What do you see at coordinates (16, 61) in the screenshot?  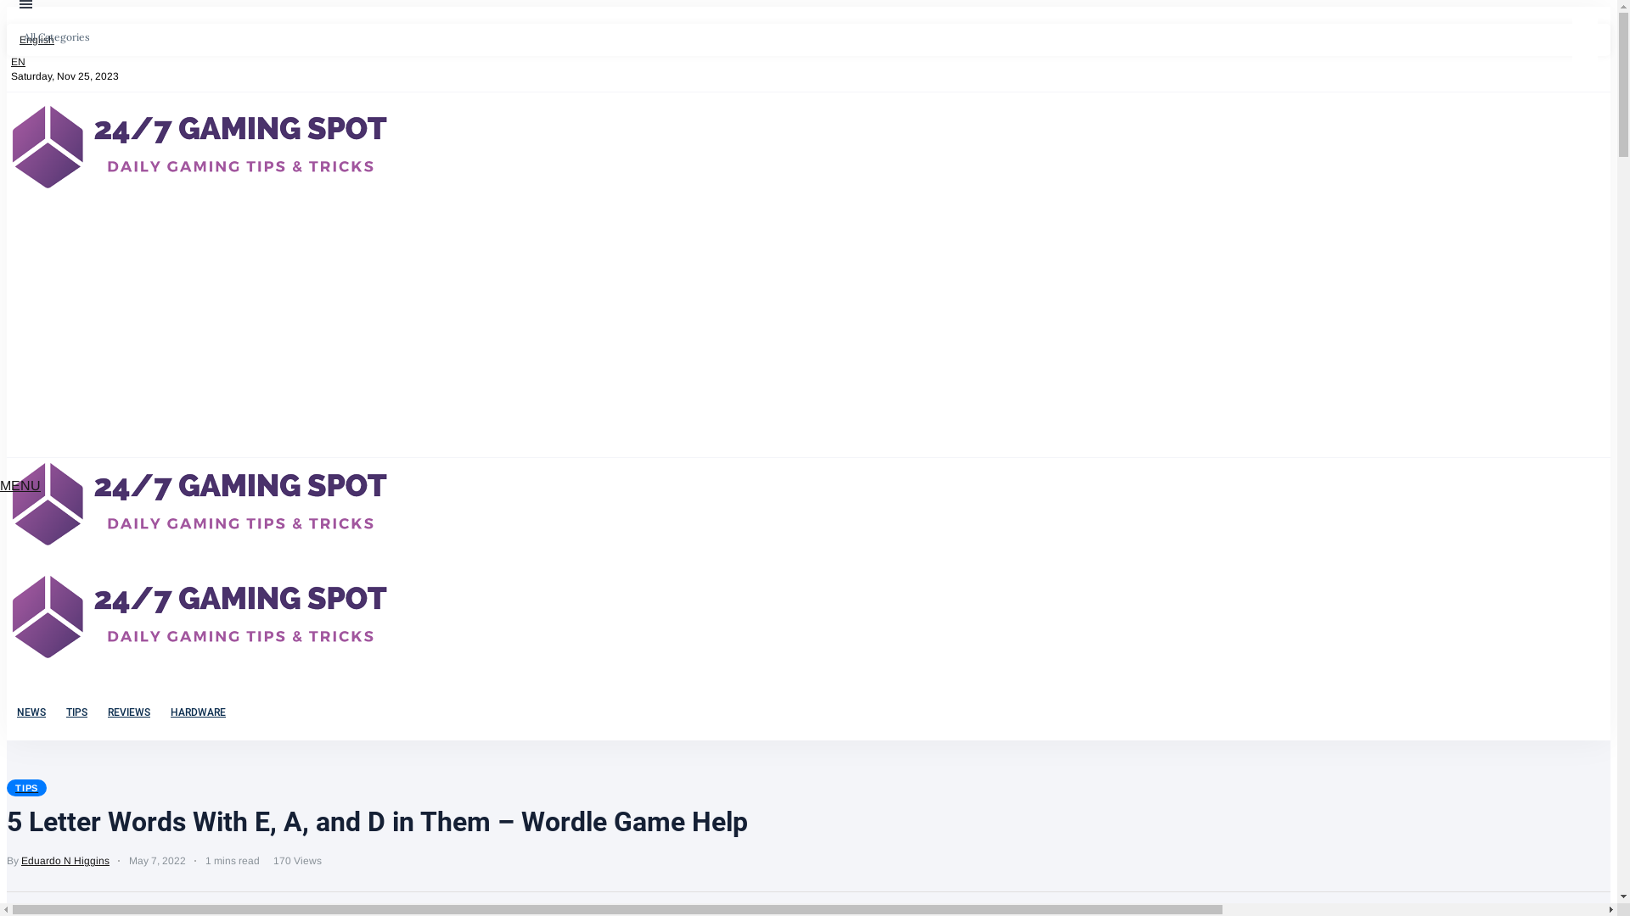 I see `'EN'` at bounding box center [16, 61].